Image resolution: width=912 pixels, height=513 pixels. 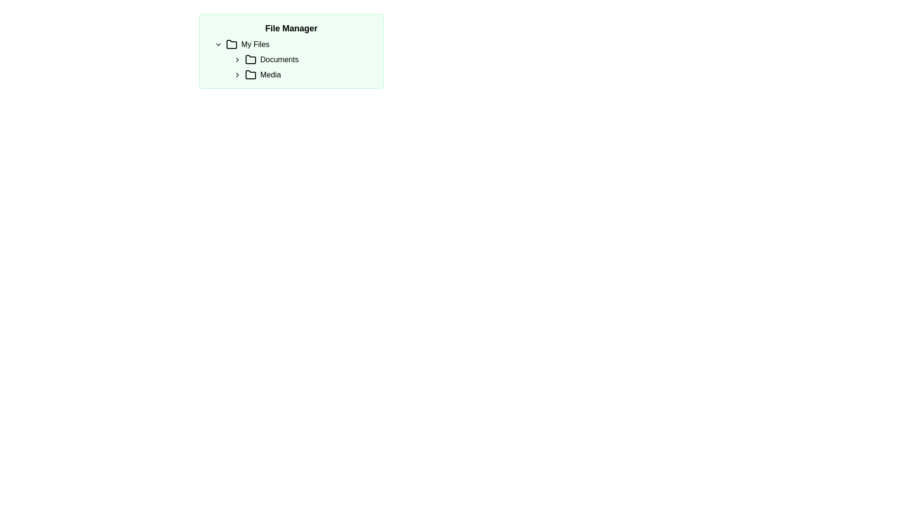 I want to click on the 'Documents' text label element, which is styled with a standard font and positioned to the right of a folder icon under the 'My Files' section of the 'File Manager', so click(x=279, y=60).